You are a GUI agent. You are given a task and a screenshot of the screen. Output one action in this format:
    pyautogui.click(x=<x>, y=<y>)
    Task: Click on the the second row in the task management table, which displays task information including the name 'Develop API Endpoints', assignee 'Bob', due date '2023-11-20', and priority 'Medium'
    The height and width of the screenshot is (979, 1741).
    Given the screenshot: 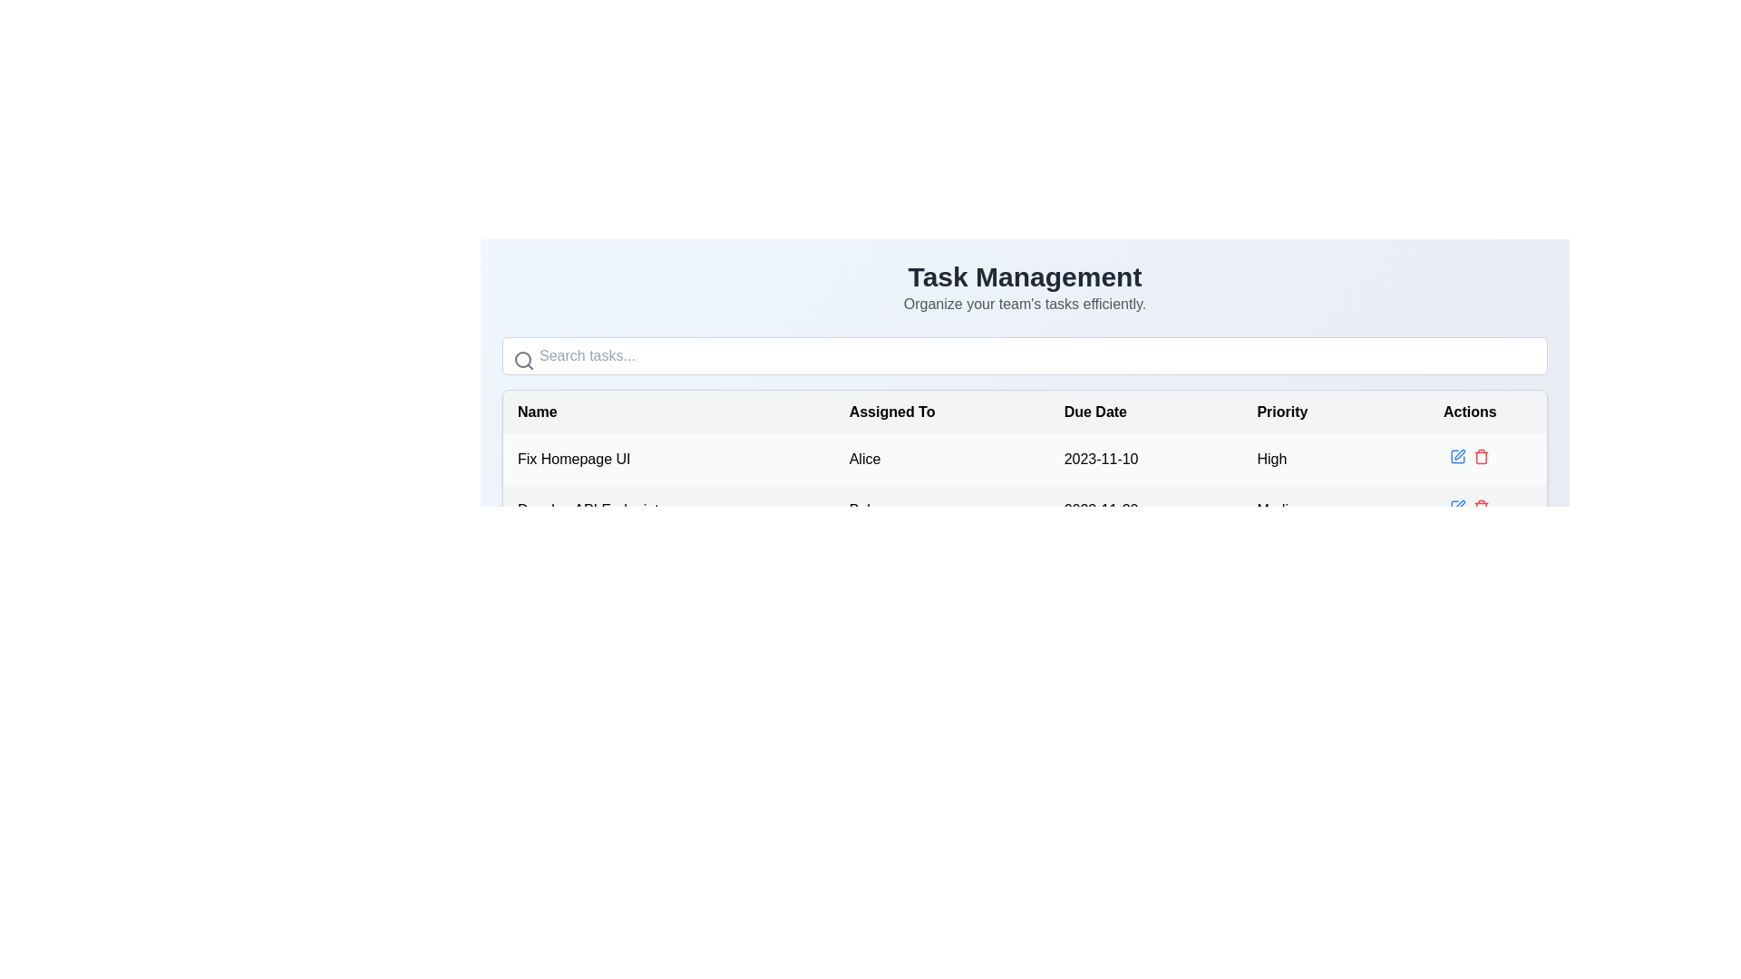 What is the action you would take?
    pyautogui.click(x=1025, y=510)
    